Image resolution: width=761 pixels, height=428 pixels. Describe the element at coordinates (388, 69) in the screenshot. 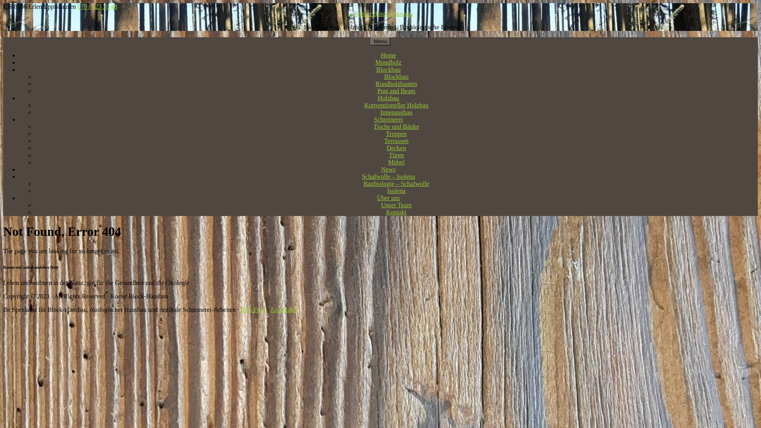

I see `'Blockbau'` at that location.